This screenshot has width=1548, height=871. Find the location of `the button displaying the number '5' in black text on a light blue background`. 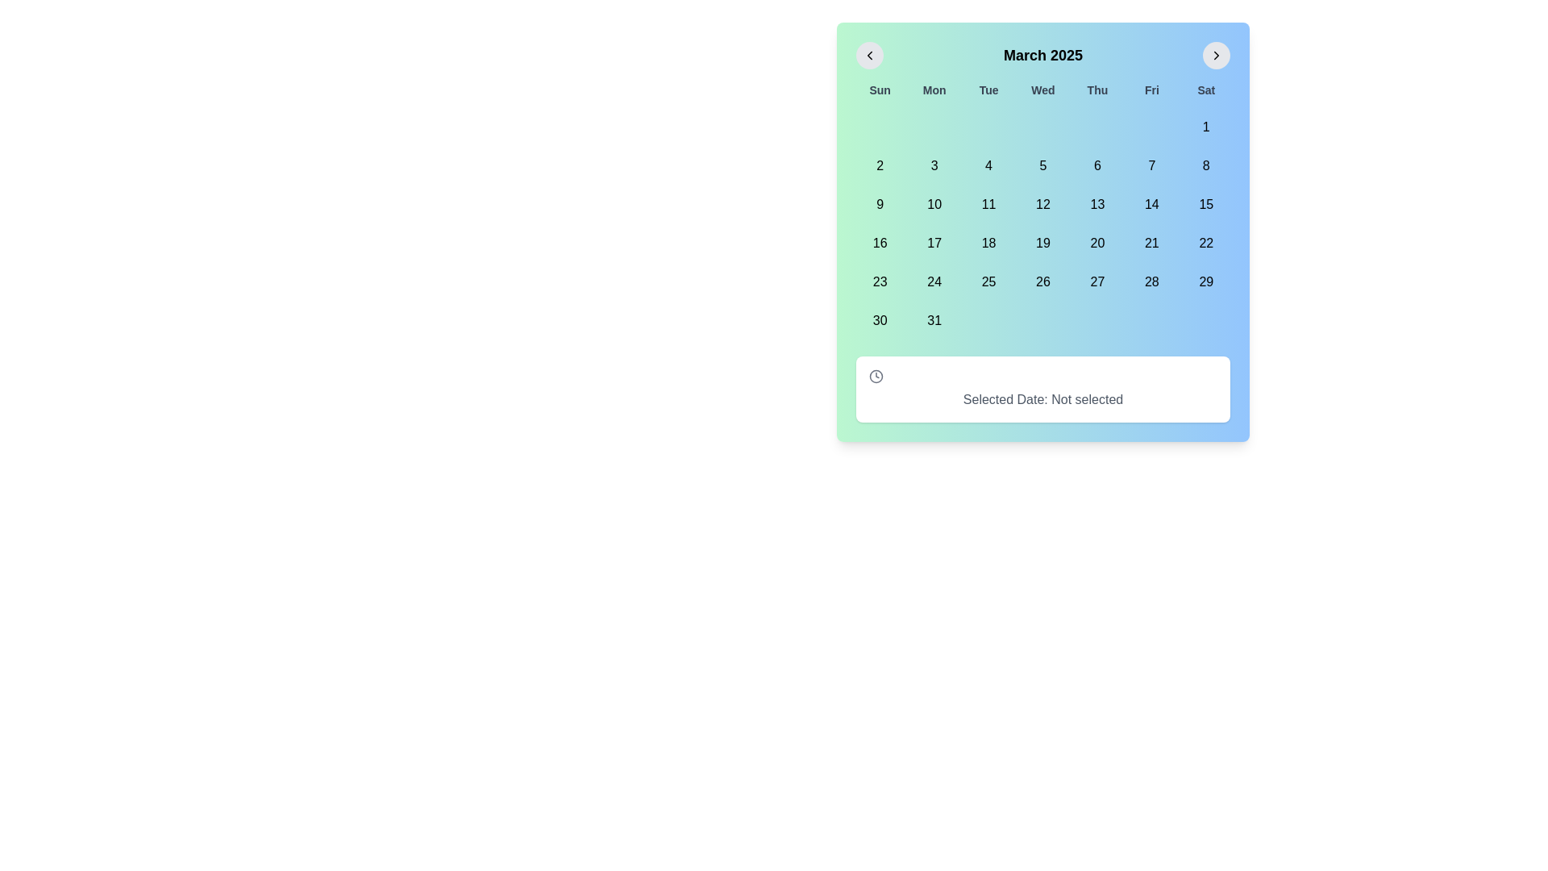

the button displaying the number '5' in black text on a light blue background is located at coordinates (1043, 165).